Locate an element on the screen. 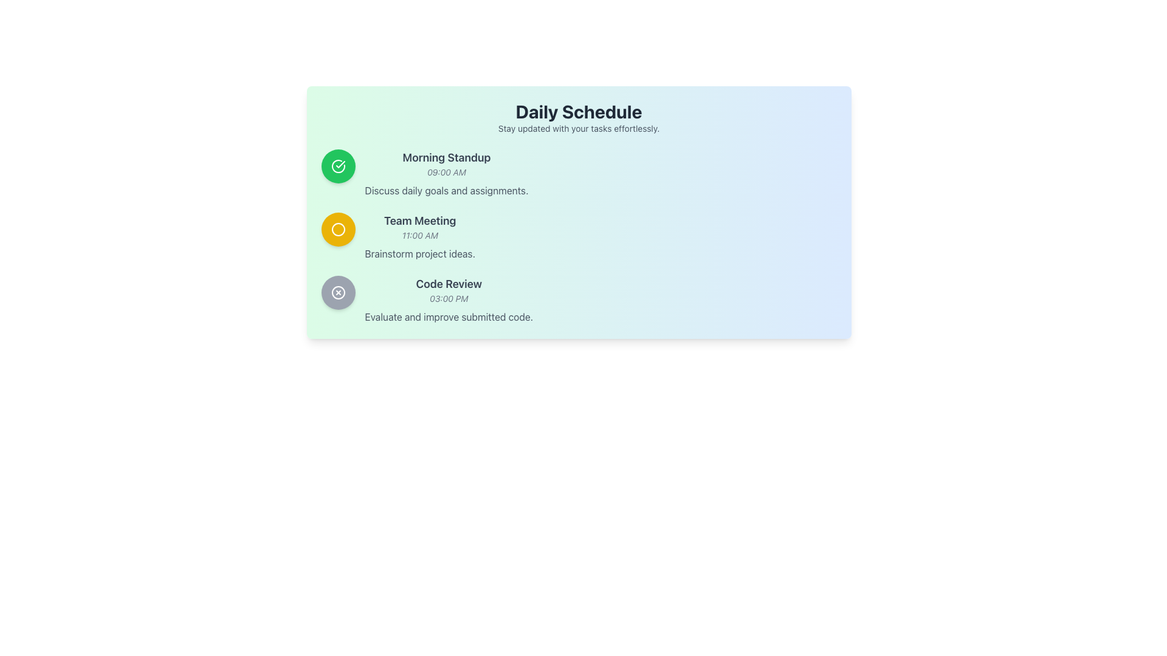  the third icon in the column of circled icons is located at coordinates (338, 293).